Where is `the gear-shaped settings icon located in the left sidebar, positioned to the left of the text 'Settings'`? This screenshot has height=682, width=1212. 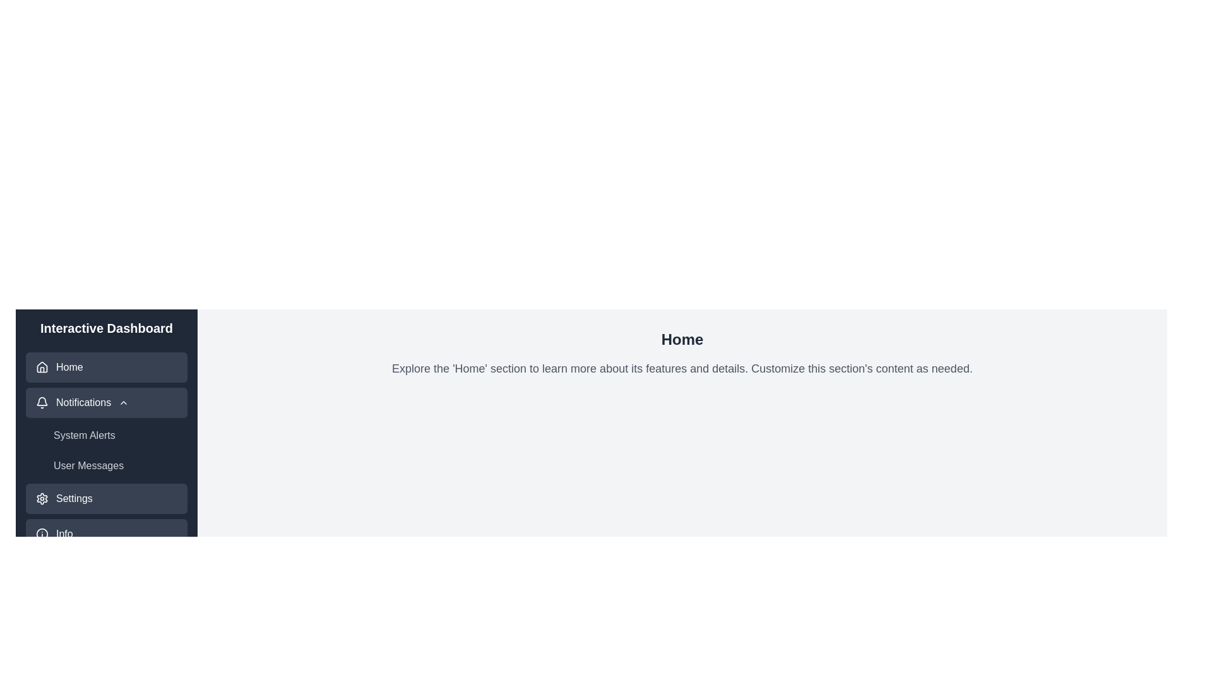
the gear-shaped settings icon located in the left sidebar, positioned to the left of the text 'Settings' is located at coordinates (42, 498).